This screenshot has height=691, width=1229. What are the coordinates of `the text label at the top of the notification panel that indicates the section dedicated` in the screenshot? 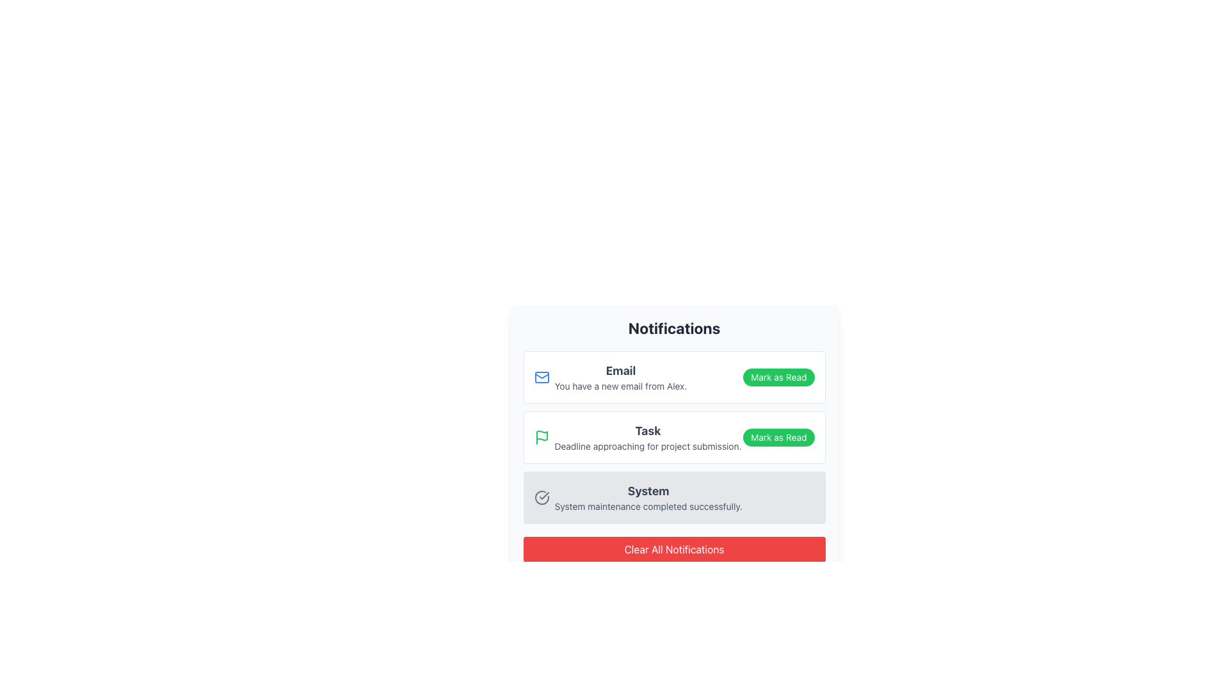 It's located at (673, 328).